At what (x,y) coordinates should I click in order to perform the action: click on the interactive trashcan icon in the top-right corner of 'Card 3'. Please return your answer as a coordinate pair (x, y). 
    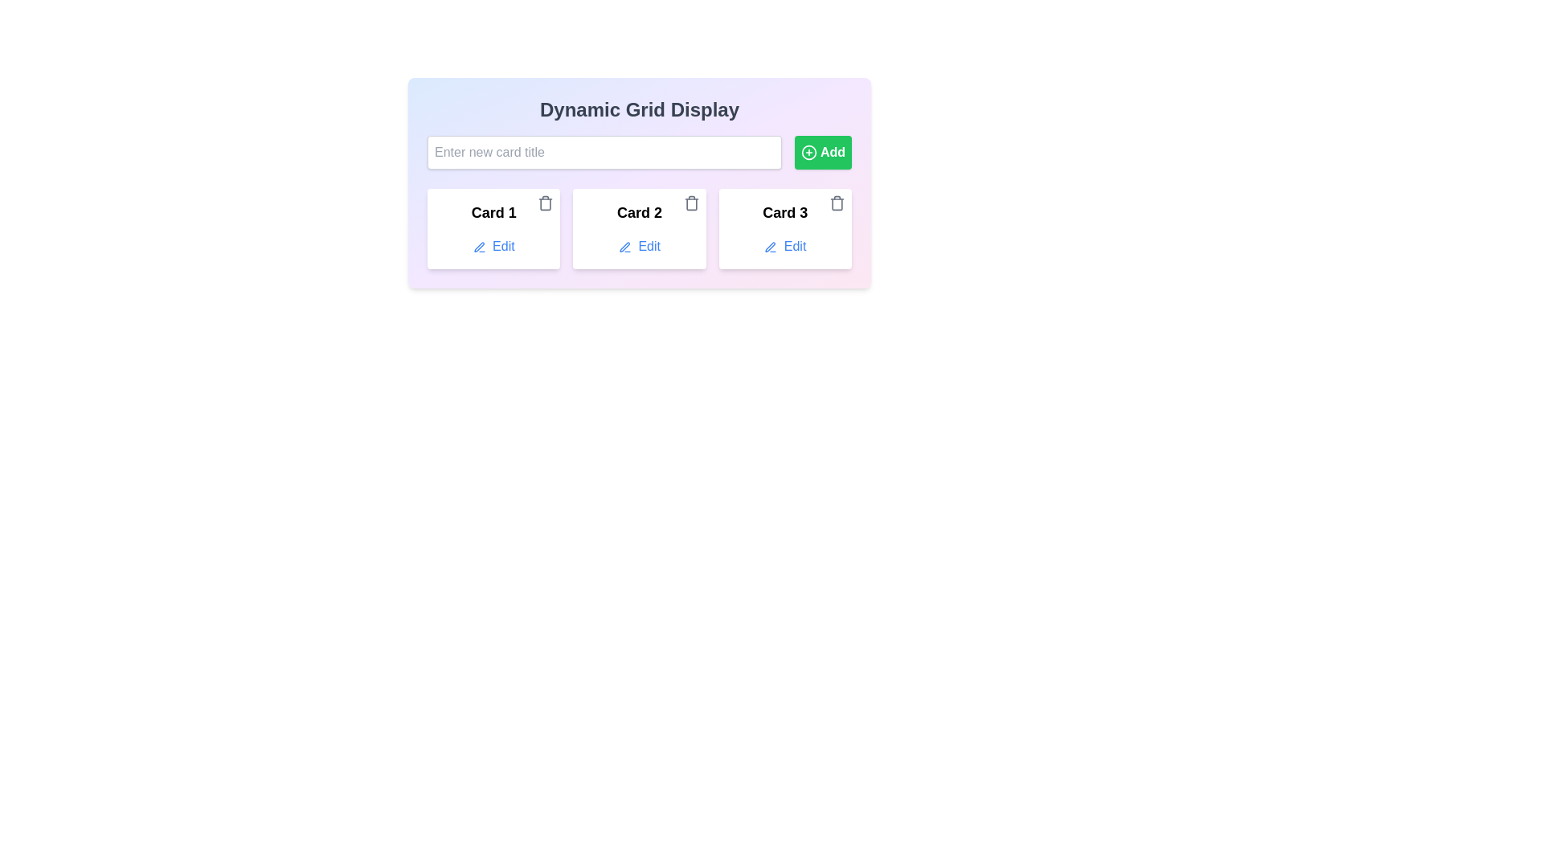
    Looking at the image, I should click on (836, 203).